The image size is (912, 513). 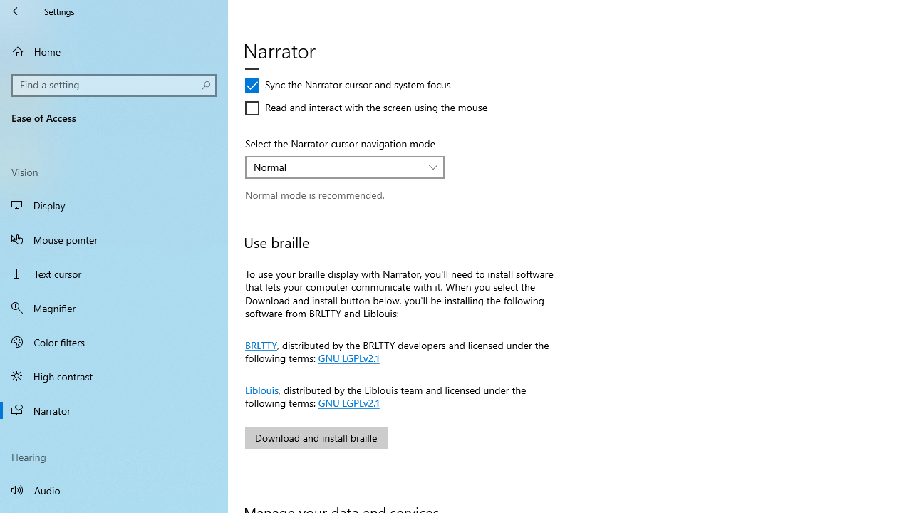 I want to click on 'Select the Narrator cursor navigation mode', so click(x=345, y=167).